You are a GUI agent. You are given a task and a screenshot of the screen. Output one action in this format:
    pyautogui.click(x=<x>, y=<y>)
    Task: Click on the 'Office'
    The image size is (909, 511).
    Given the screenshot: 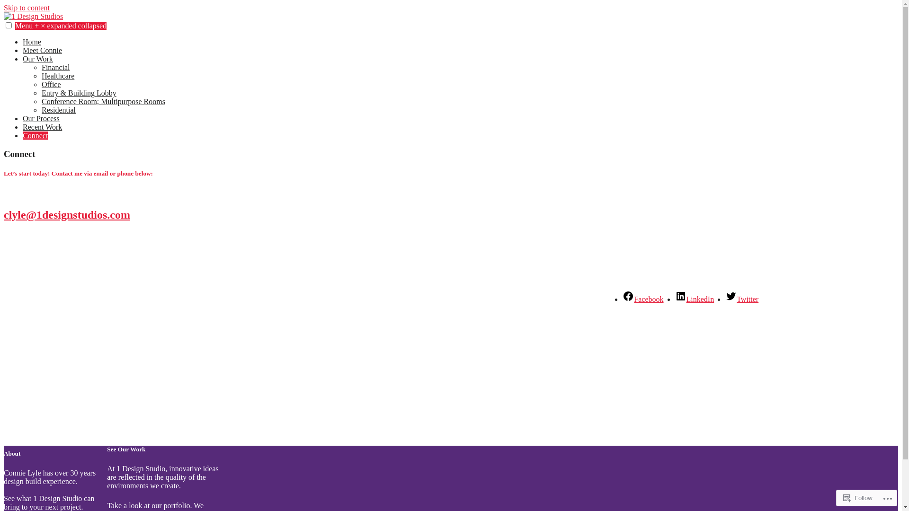 What is the action you would take?
    pyautogui.click(x=51, y=84)
    